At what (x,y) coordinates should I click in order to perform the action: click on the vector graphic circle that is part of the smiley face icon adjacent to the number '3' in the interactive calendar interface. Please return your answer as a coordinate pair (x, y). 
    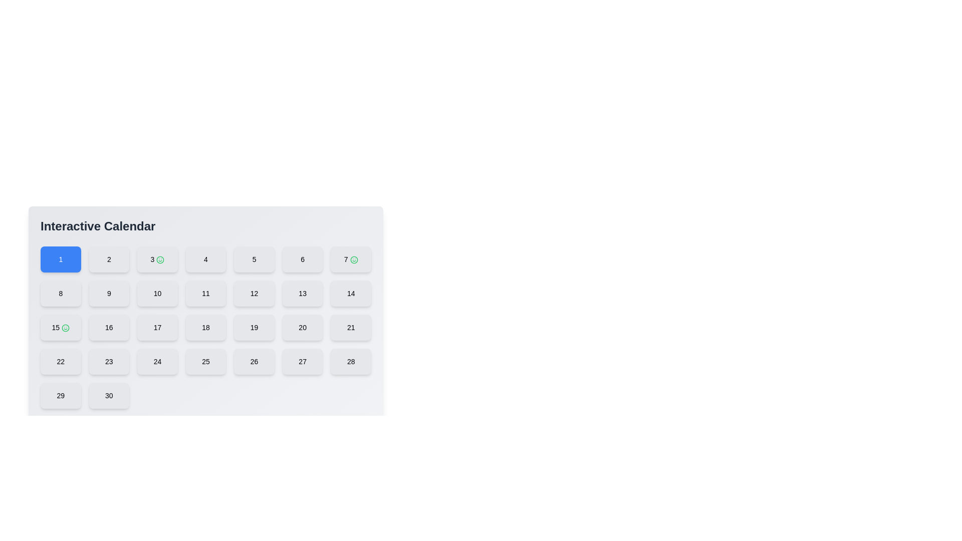
    Looking at the image, I should click on (65, 328).